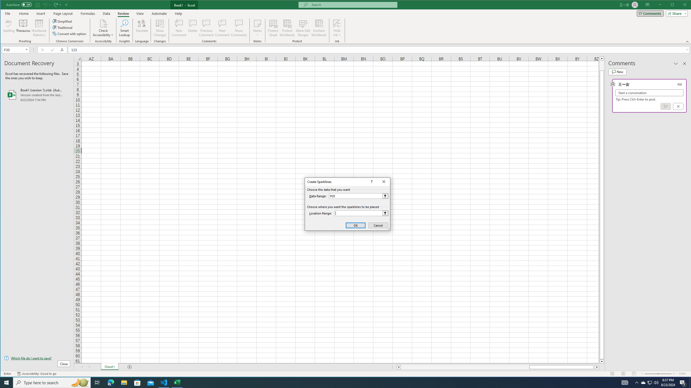 The height and width of the screenshot is (388, 691). What do you see at coordinates (361, 213) in the screenshot?
I see `'Location Range'` at bounding box center [361, 213].